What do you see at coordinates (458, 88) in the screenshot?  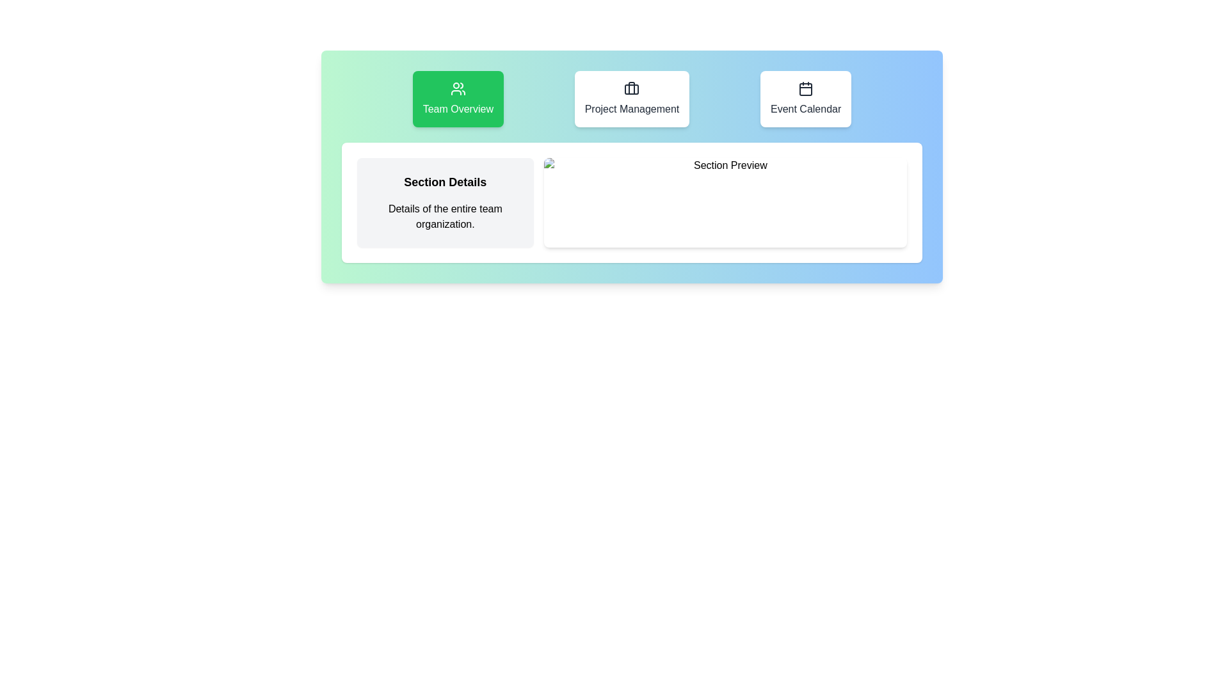 I see `the 'Team Overview' button, which contains the icon representing the 'Team Overview' functionality, located in the top-center area of the button's green rectangle` at bounding box center [458, 88].